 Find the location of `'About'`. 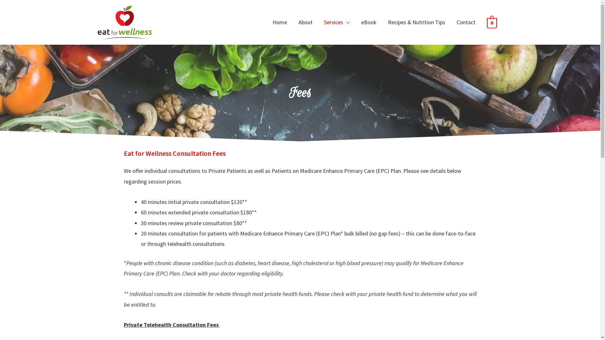

'About' is located at coordinates (305, 22).